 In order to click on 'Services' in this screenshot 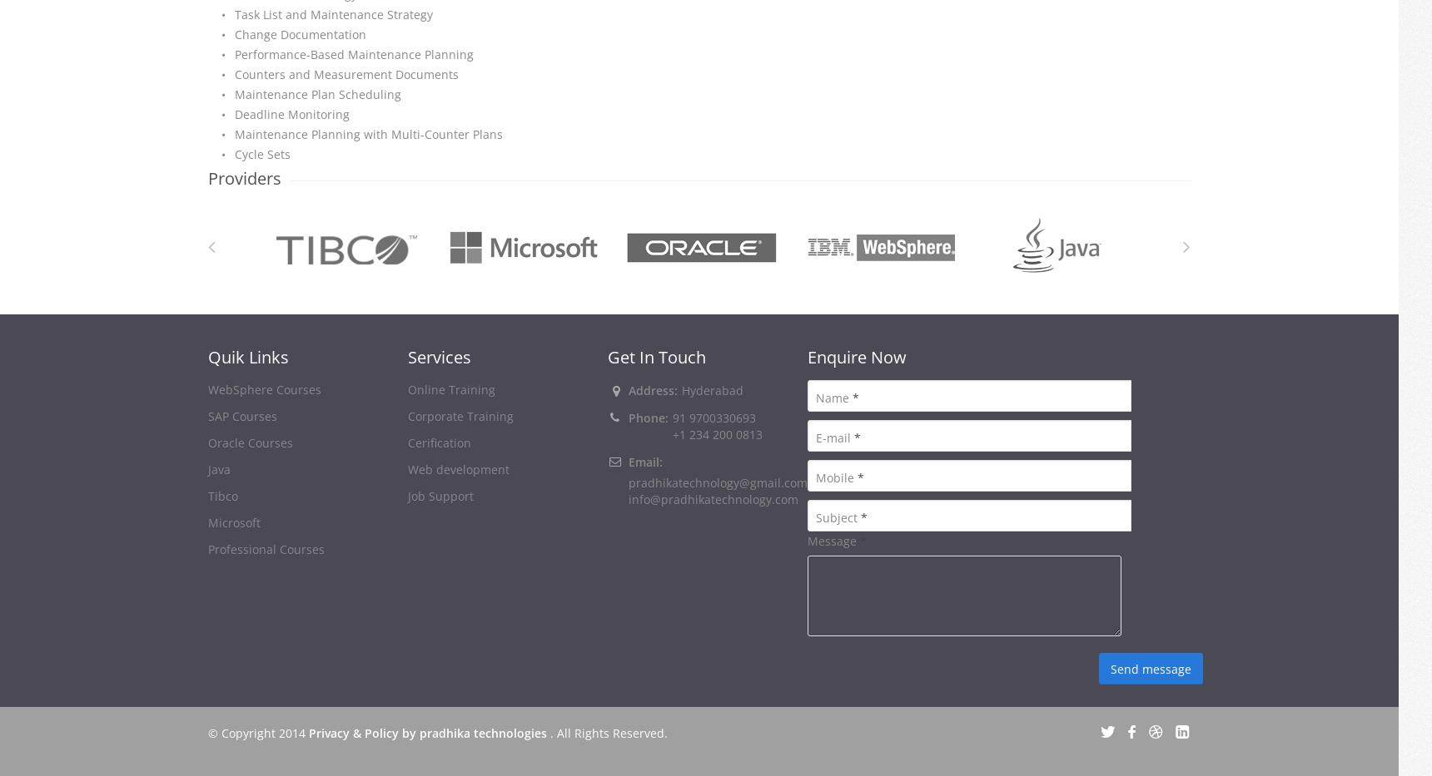, I will do `click(440, 356)`.